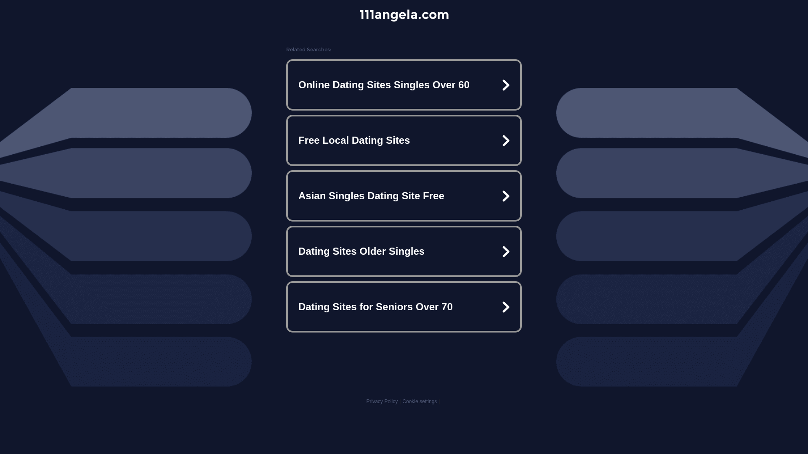  Describe the element at coordinates (404, 14) in the screenshot. I see `'111angela.com'` at that location.